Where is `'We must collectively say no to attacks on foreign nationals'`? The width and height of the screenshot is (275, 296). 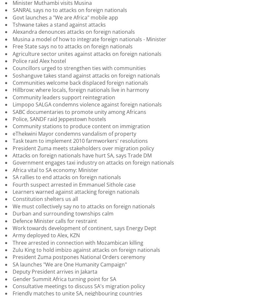 'We must collectively say no to attacks on foreign nationals' is located at coordinates (83, 206).